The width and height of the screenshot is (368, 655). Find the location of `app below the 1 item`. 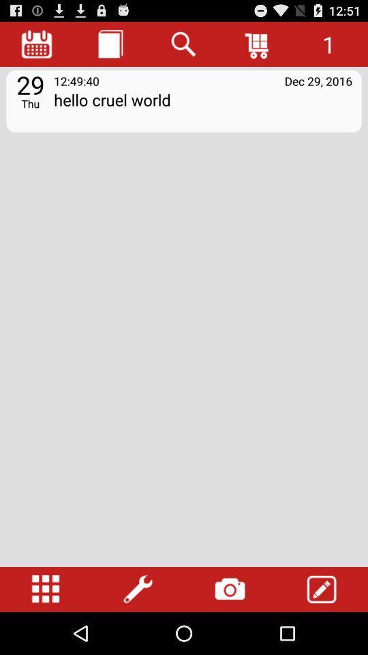

app below the 1 item is located at coordinates (318, 81).